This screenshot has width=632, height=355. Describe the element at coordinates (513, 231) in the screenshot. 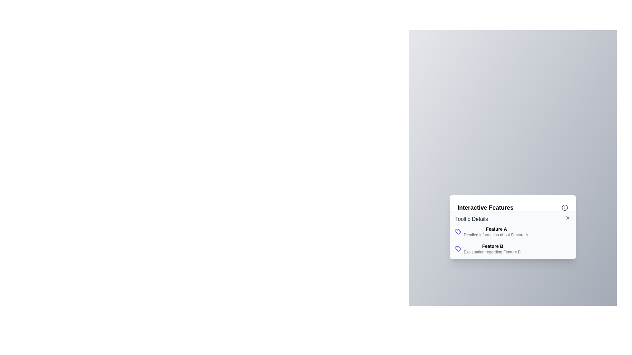

I see `the first list item titled 'Feature A' in the 'Interactive Features' panel, which includes a blue tag icon to its left and a description below the title` at that location.